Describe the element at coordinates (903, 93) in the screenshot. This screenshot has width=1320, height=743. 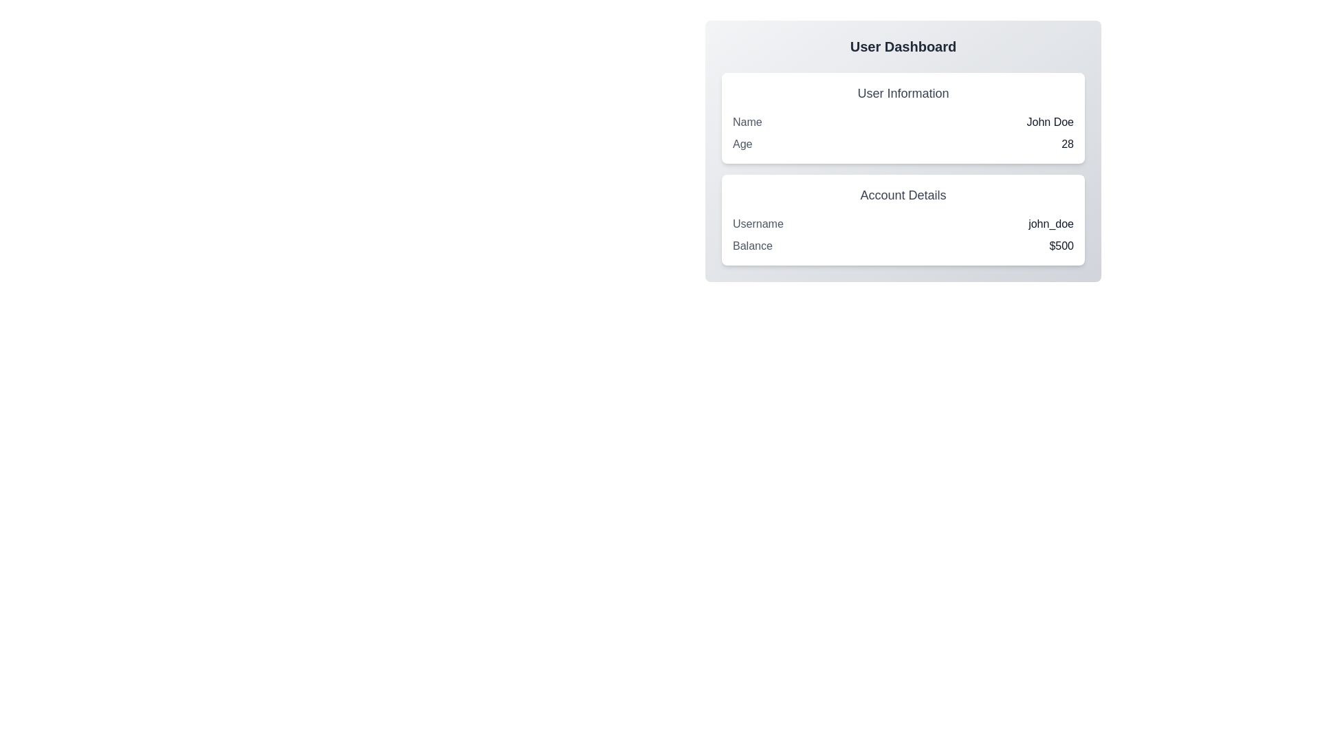
I see `the text label that reads 'User Information', which is styled in medium-sized grayish font and positioned centrally at the top of its section` at that location.